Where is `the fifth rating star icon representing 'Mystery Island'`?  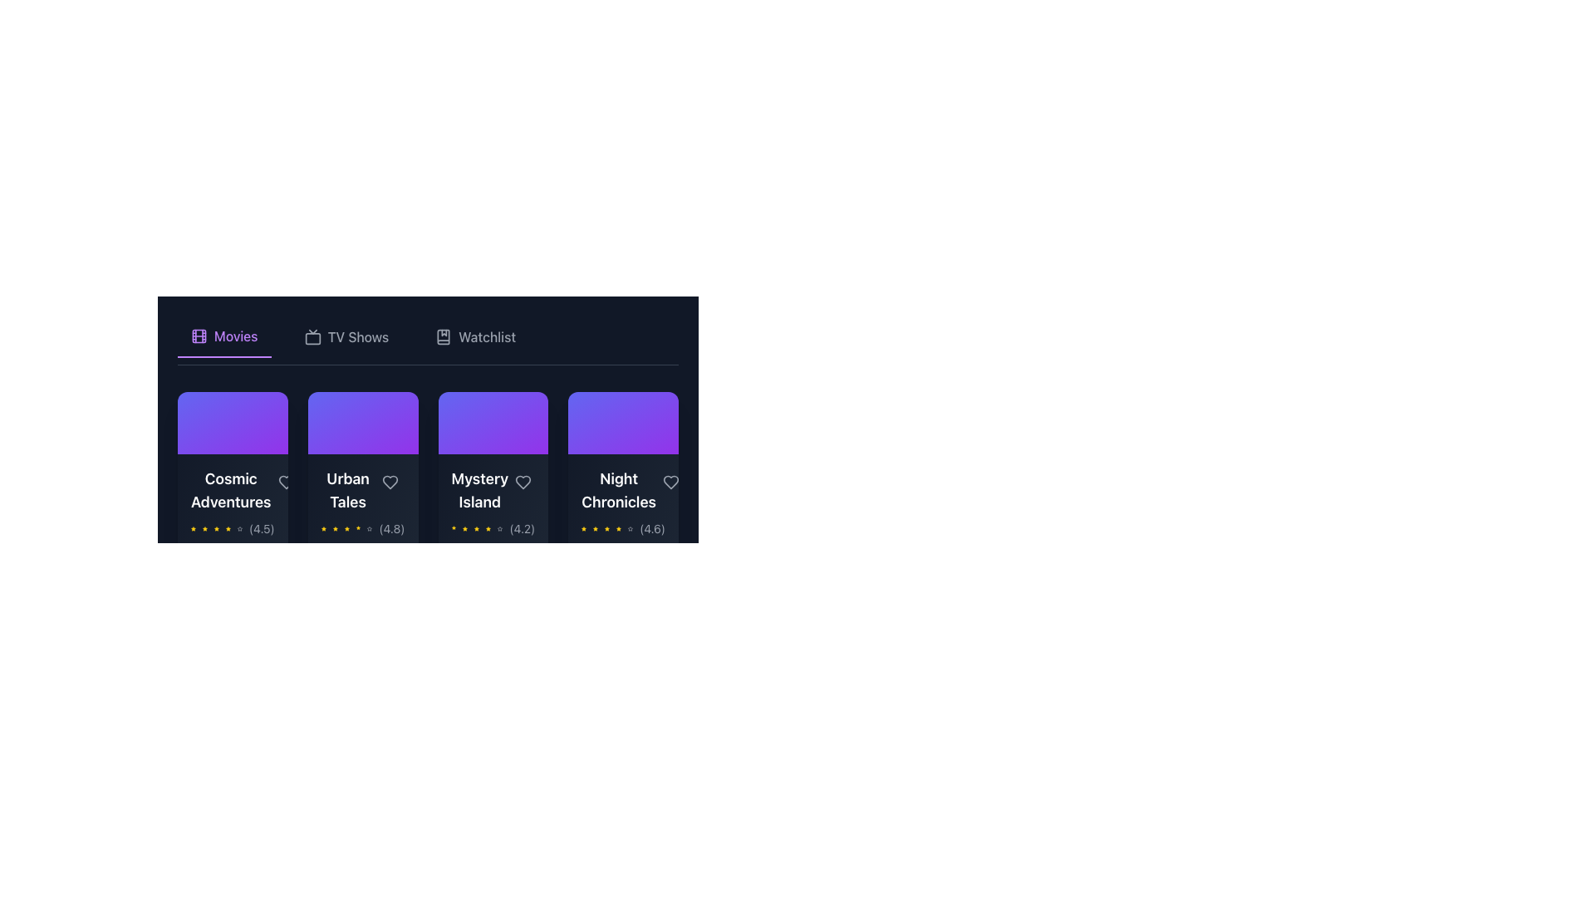
the fifth rating star icon representing 'Mystery Island' is located at coordinates (488, 528).